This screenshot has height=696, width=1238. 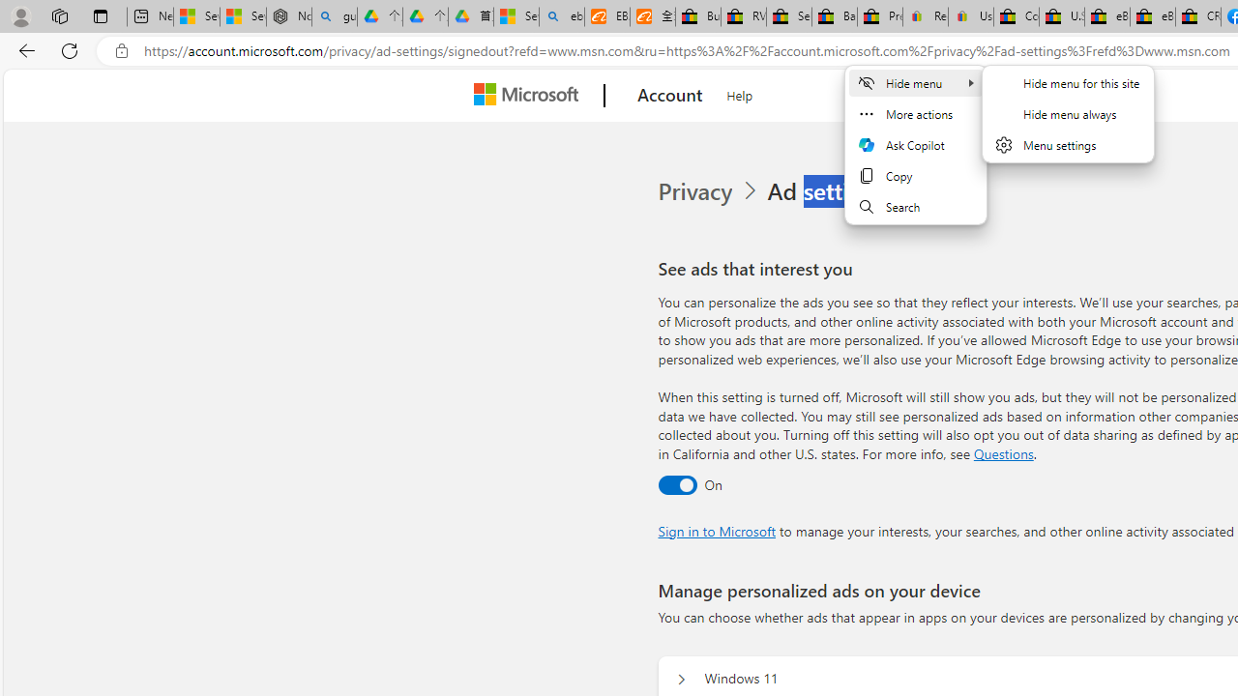 What do you see at coordinates (59, 15) in the screenshot?
I see `'Workspaces'` at bounding box center [59, 15].